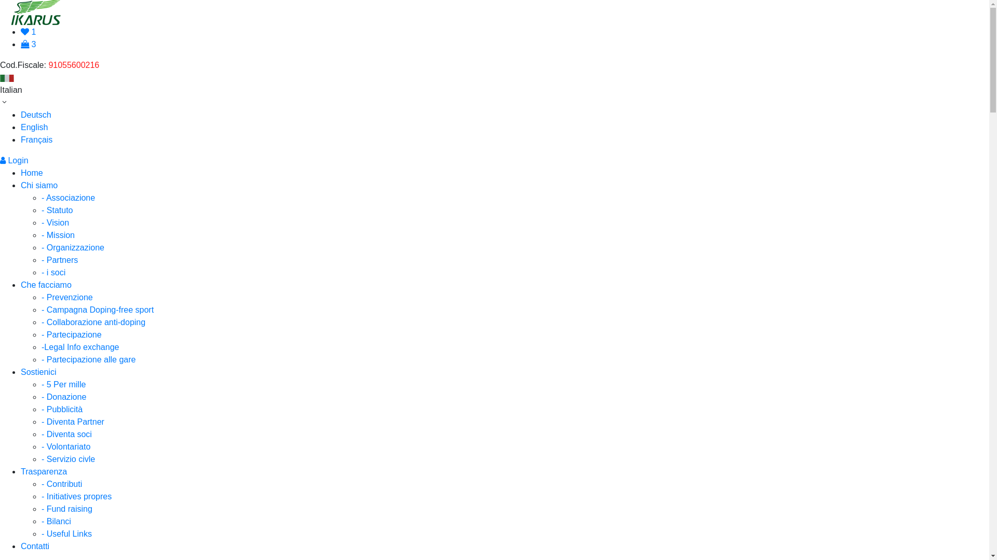  Describe the element at coordinates (42, 508) in the screenshot. I see `'- Fund raising'` at that location.